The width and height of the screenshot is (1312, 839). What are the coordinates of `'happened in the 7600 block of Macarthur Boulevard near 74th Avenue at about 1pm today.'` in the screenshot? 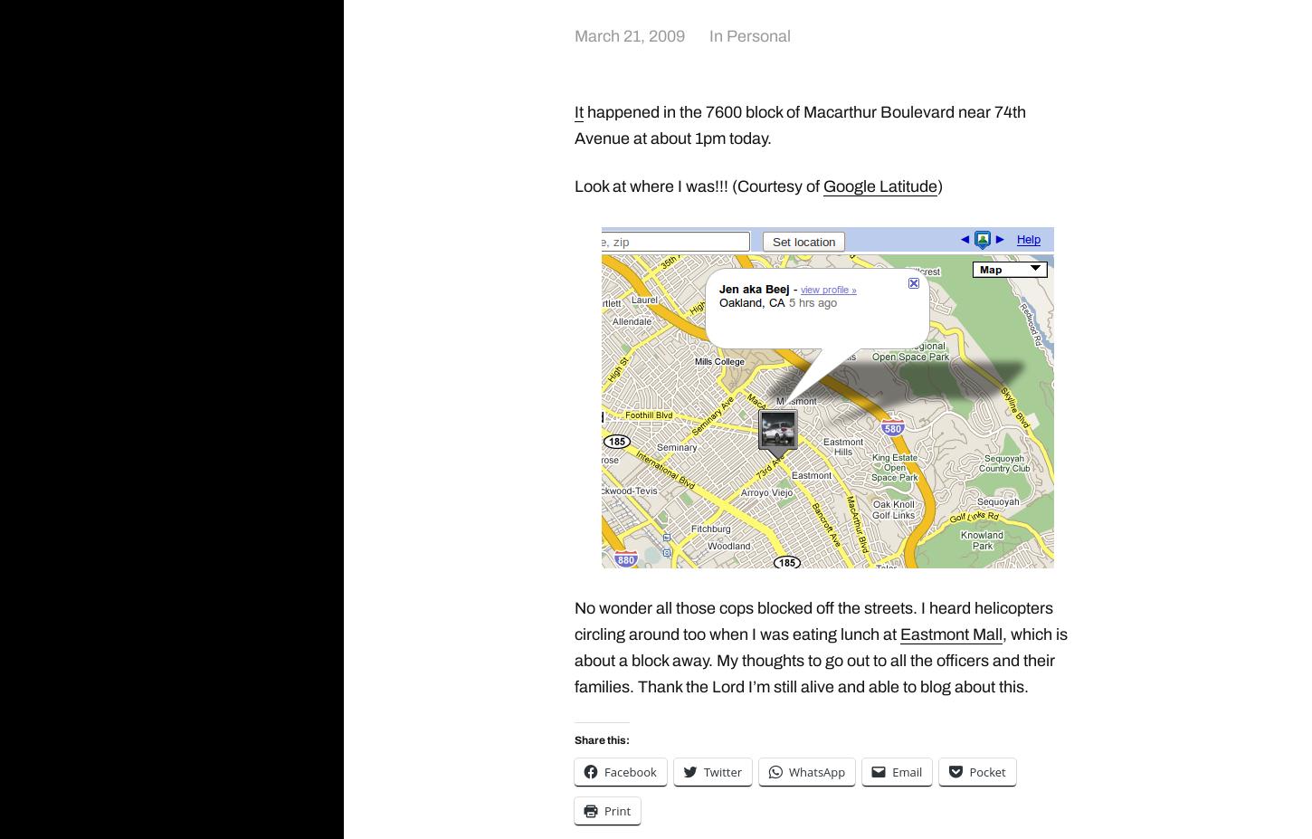 It's located at (799, 123).